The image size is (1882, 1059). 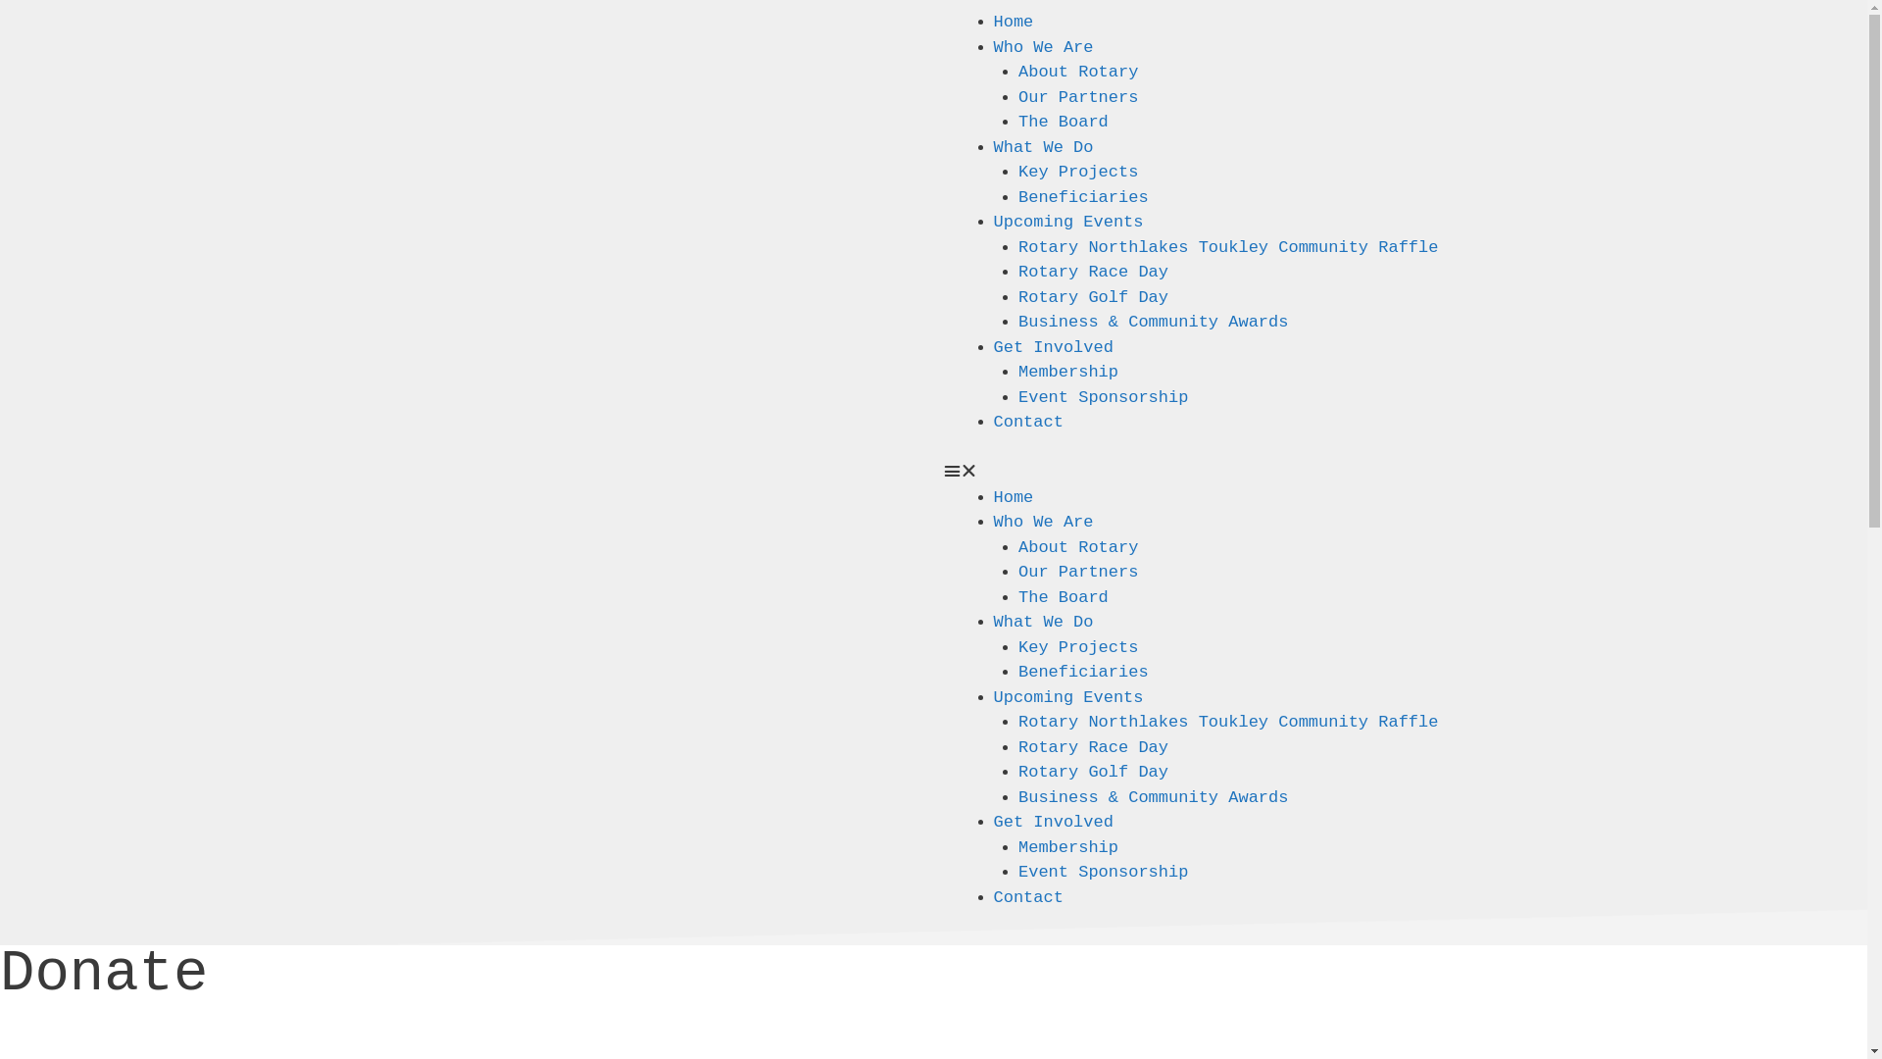 I want to click on 'Event Sponsorship', so click(x=1103, y=397).